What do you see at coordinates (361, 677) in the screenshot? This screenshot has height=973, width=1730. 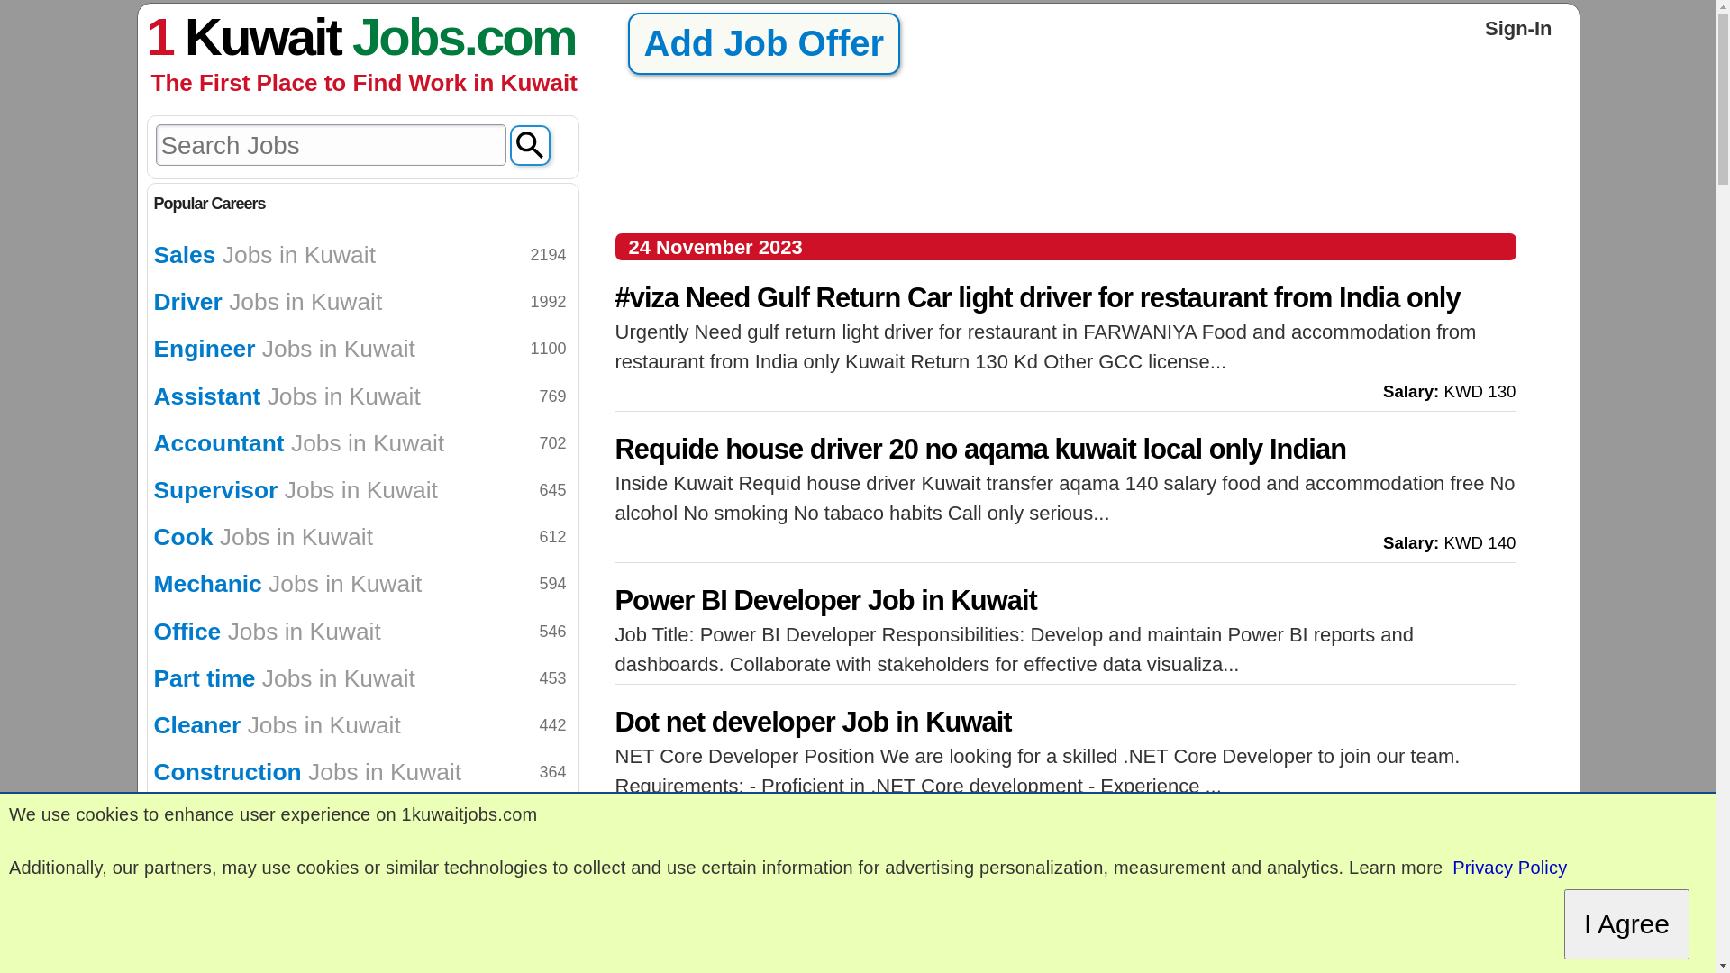 I see `'Part time Jobs in Kuwait` at bounding box center [361, 677].